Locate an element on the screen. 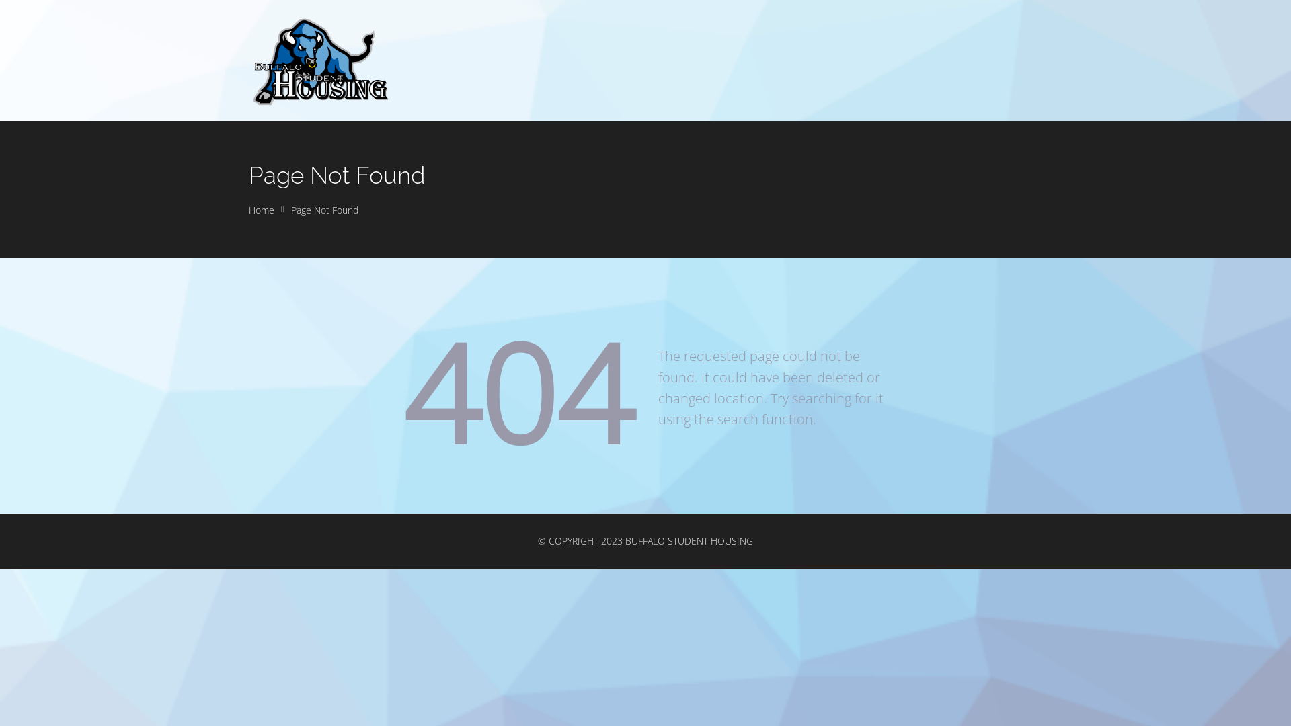  'Home' is located at coordinates (261, 210).